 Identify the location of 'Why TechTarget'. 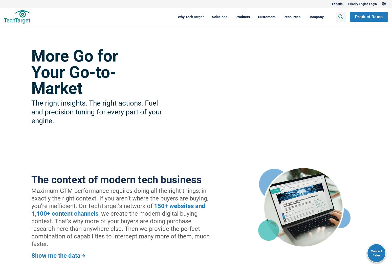
(163, 16).